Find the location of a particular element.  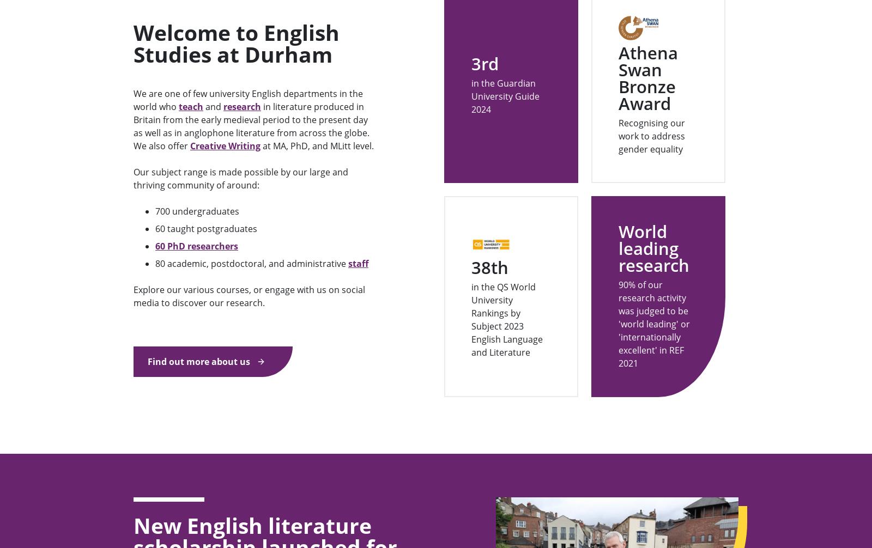

'Jobs' is located at coordinates (142, 467).